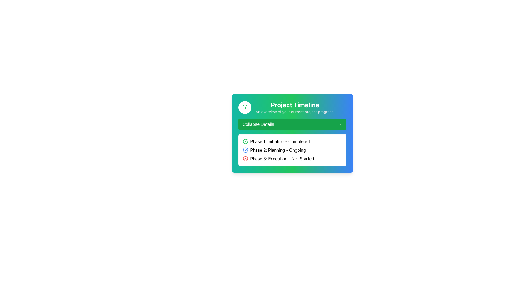  Describe the element at coordinates (280, 141) in the screenshot. I see `text label indicating the completion status of Phase 1, positioned under the 'Collapse Details' button in the project timeline list` at that location.